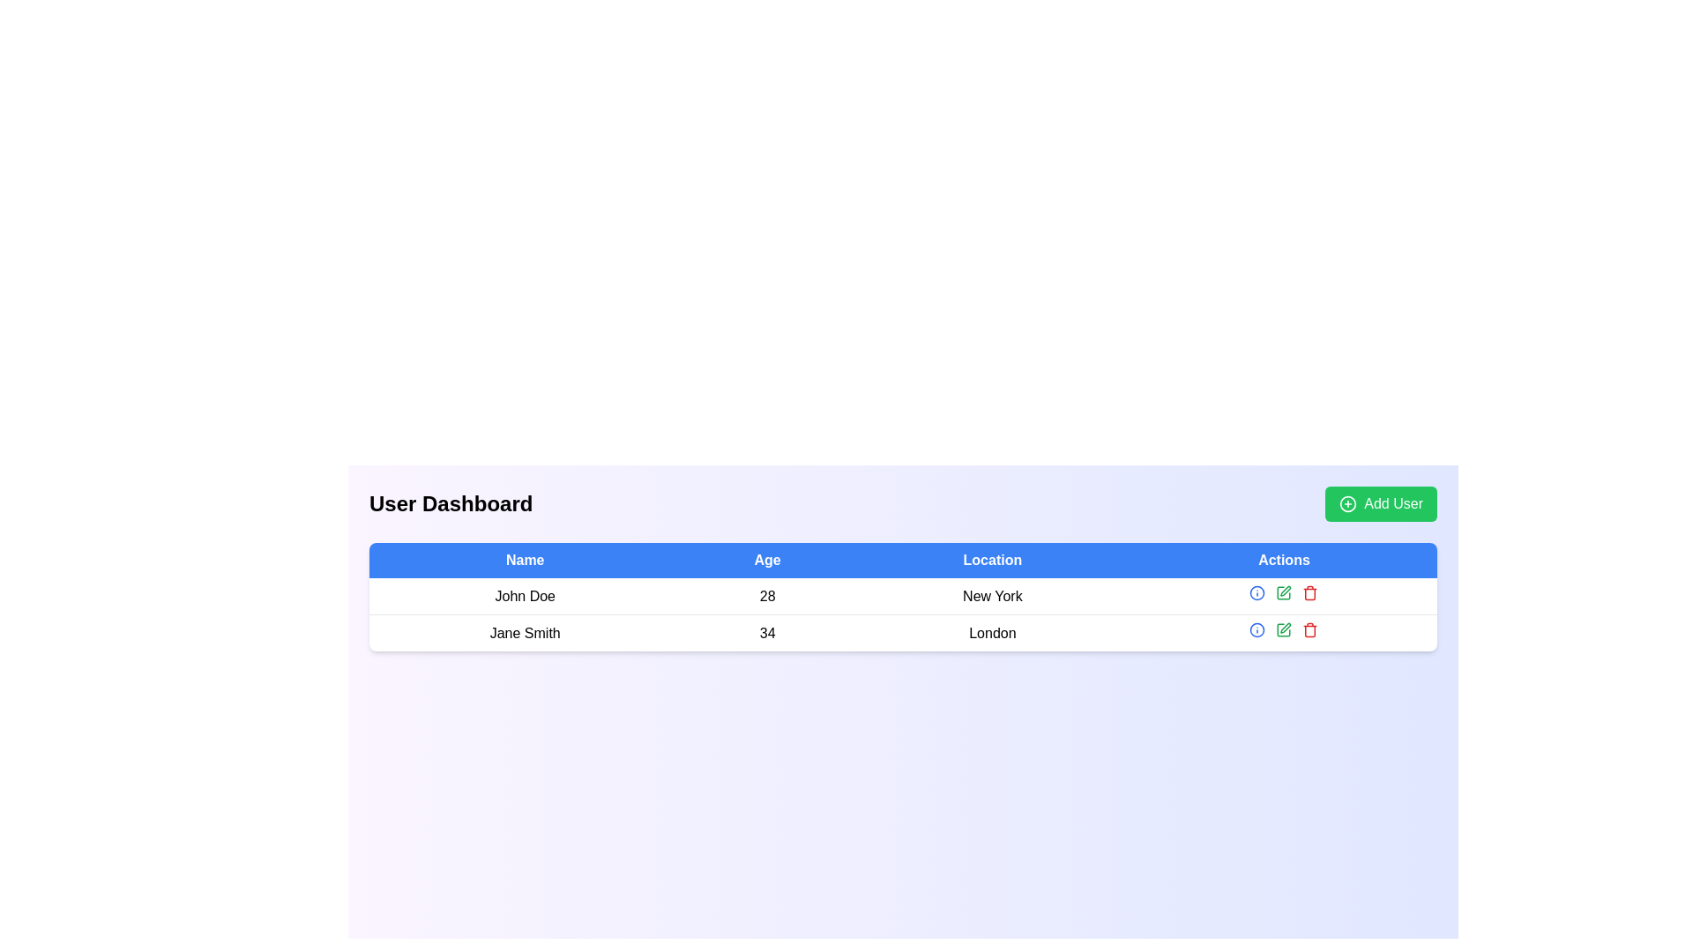 The width and height of the screenshot is (1693, 952). Describe the element at coordinates (1257, 628) in the screenshot. I see `the circular background of the info icon in the 'Actions' column for the row corresponding to 'John Doe'` at that location.